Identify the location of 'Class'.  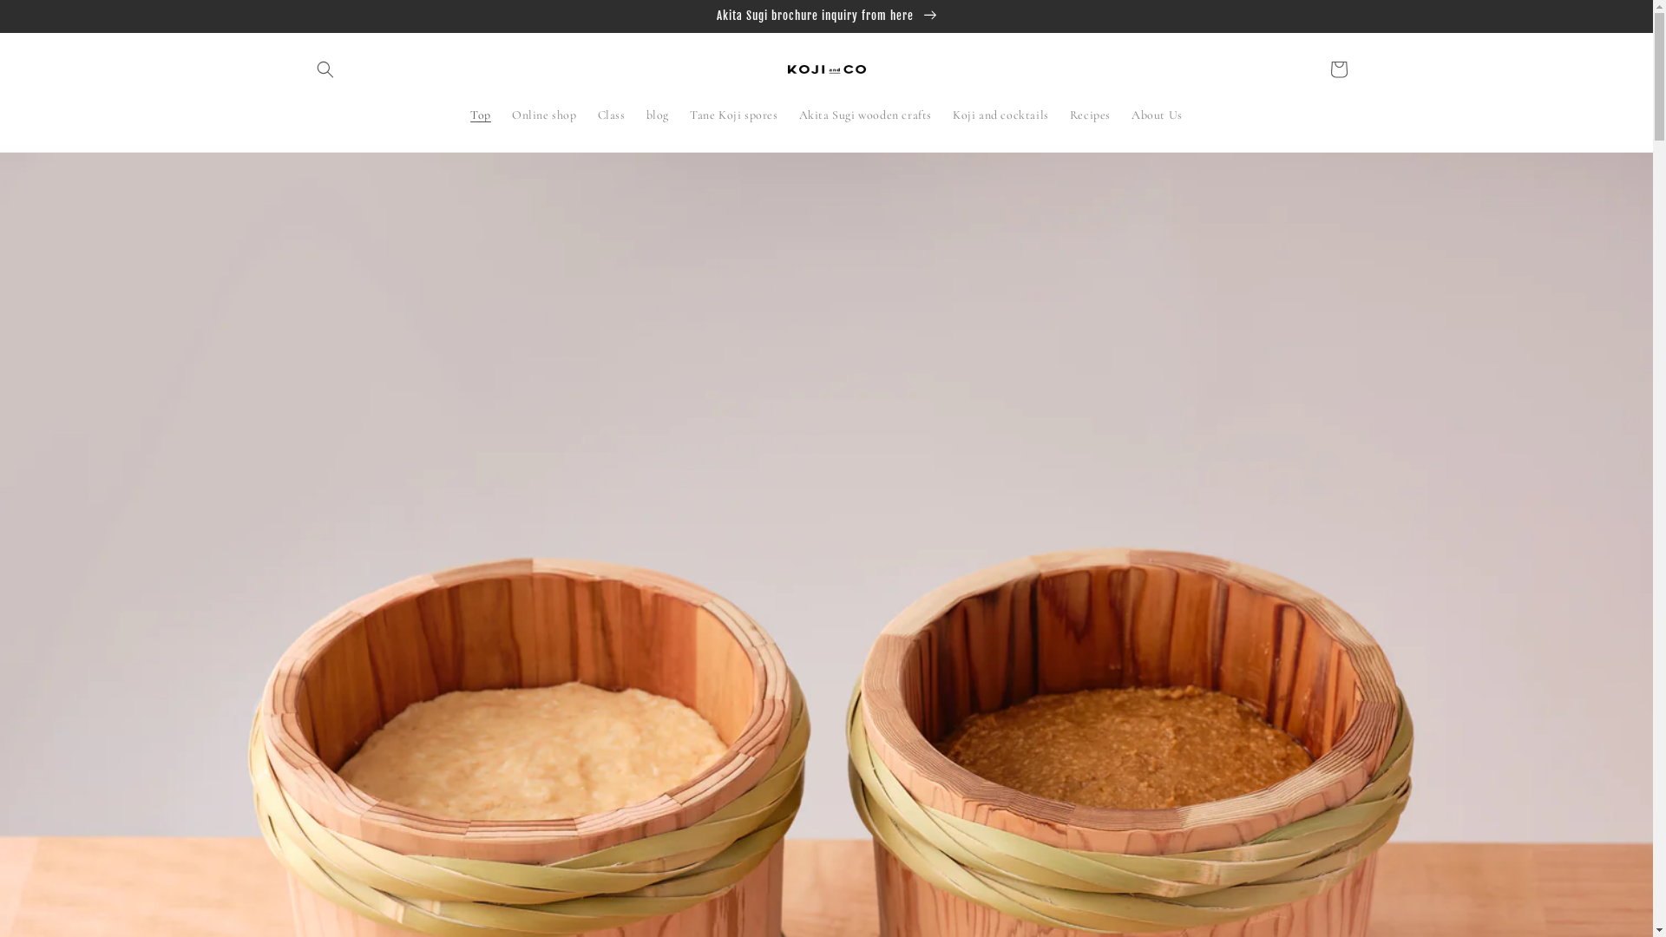
(612, 115).